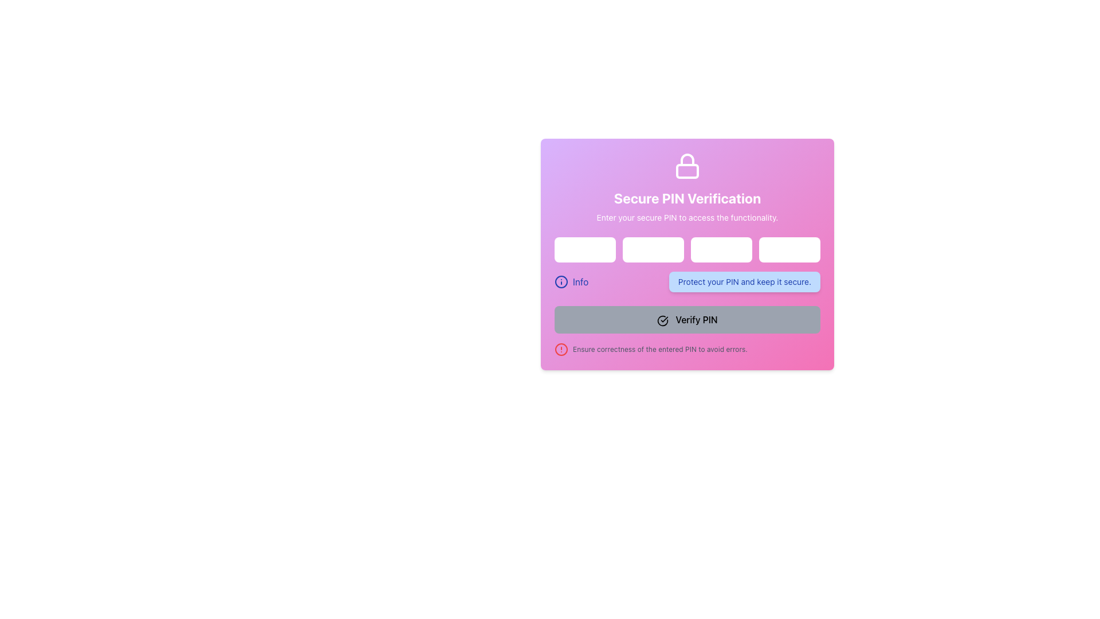  I want to click on the leftmost part of the 'Verify PIN' button's icon, which visually represents a status or action, so click(663, 320).